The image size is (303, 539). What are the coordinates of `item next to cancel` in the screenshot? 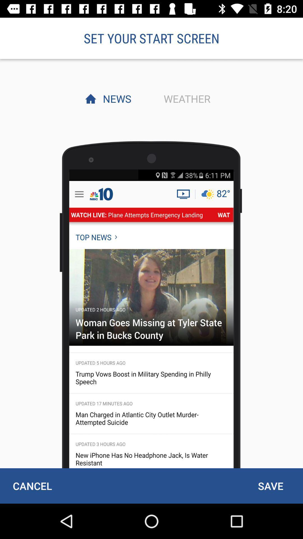 It's located at (270, 486).